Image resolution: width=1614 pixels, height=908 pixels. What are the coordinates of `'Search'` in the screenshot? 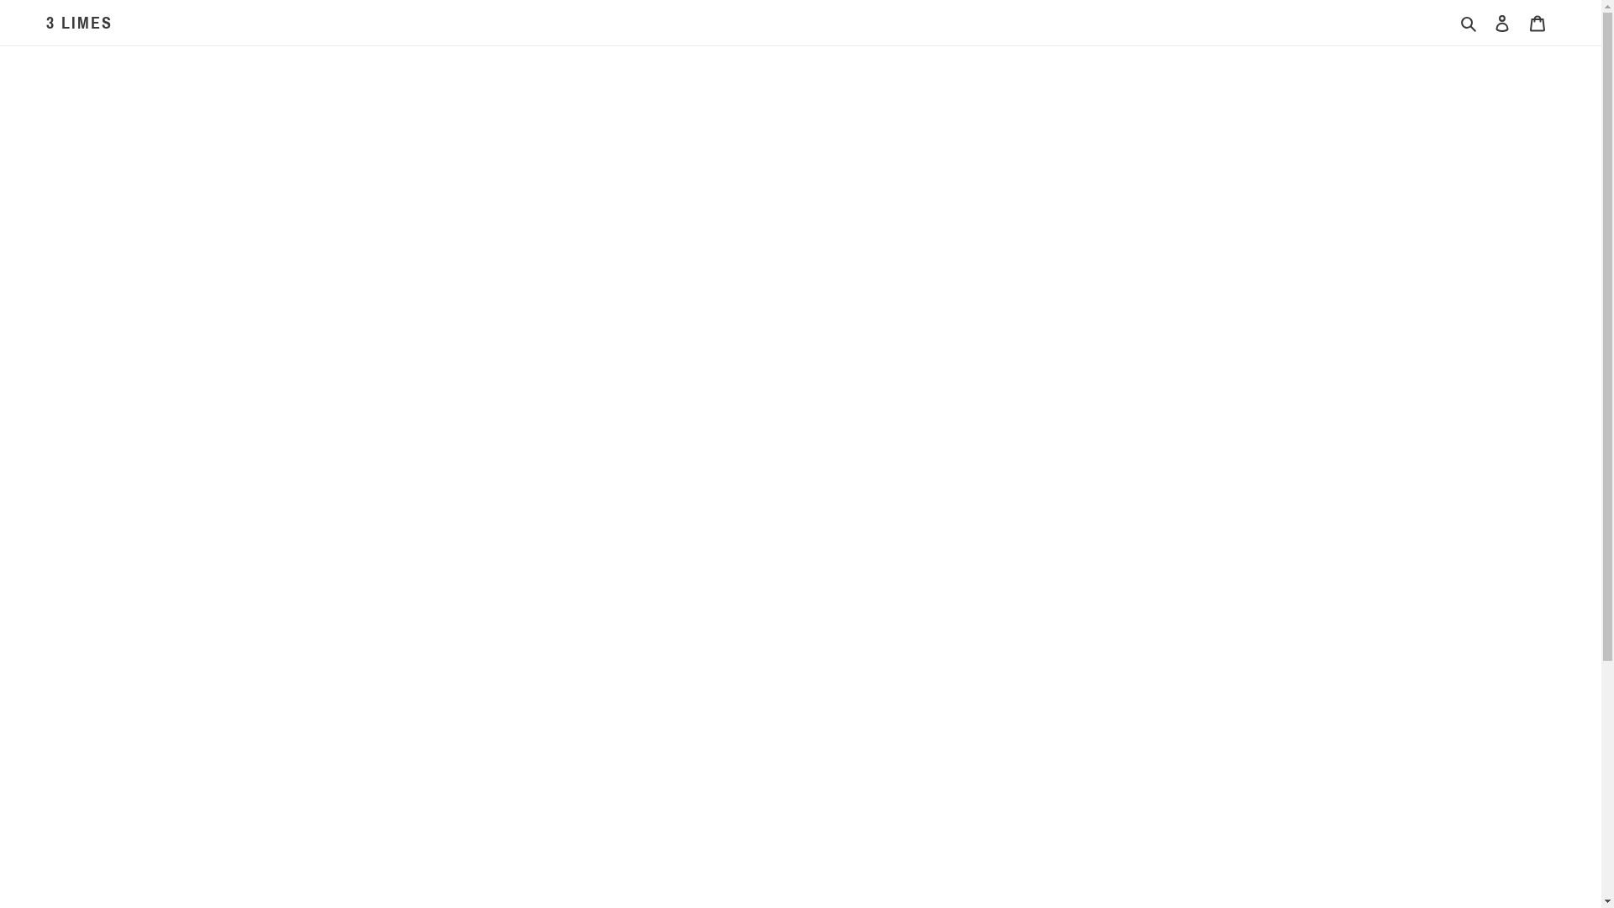 It's located at (1469, 23).